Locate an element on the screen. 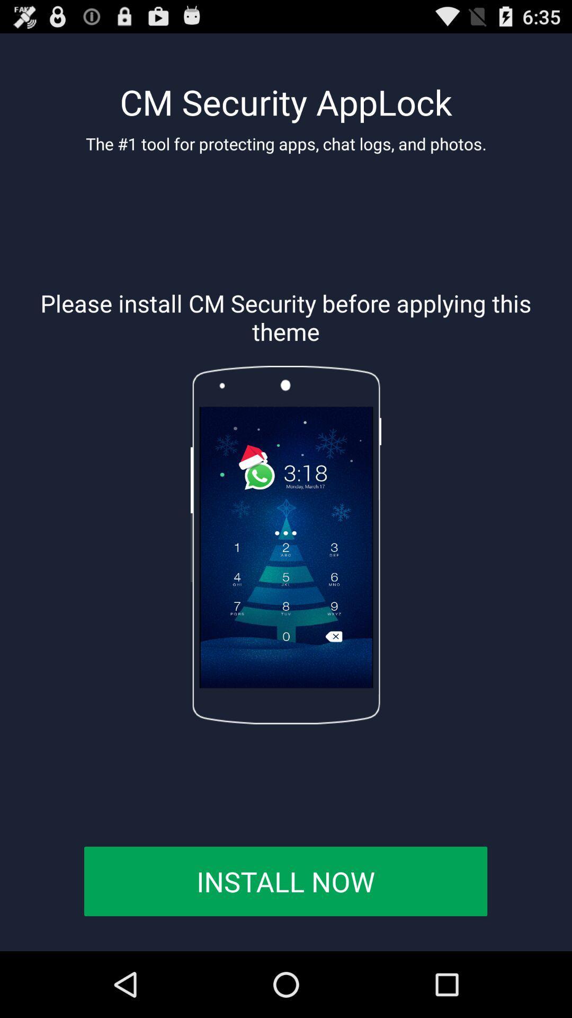 This screenshot has height=1018, width=572. the install now is located at coordinates (285, 881).